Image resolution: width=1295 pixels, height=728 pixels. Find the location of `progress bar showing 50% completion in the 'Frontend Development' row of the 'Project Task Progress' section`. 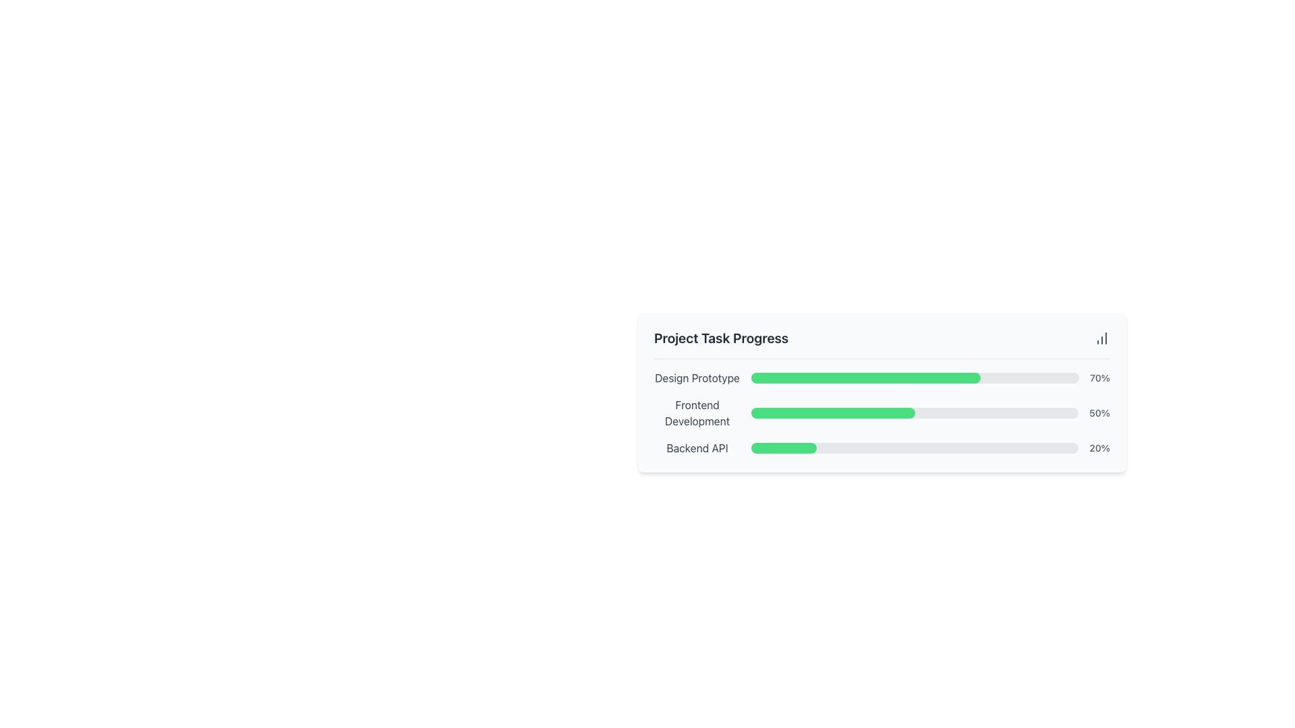

progress bar showing 50% completion in the 'Frontend Development' row of the 'Project Task Progress' section is located at coordinates (915, 413).